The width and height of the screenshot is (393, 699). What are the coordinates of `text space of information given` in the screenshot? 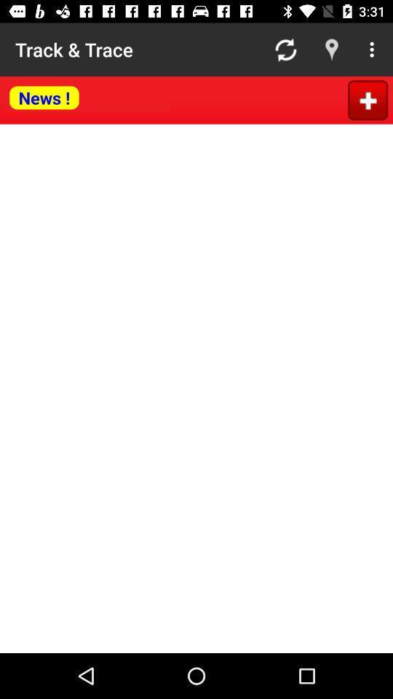 It's located at (196, 387).